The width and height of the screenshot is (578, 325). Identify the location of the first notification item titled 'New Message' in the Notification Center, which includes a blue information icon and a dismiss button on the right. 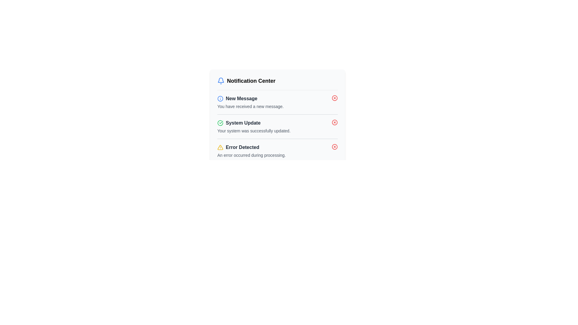
(277, 102).